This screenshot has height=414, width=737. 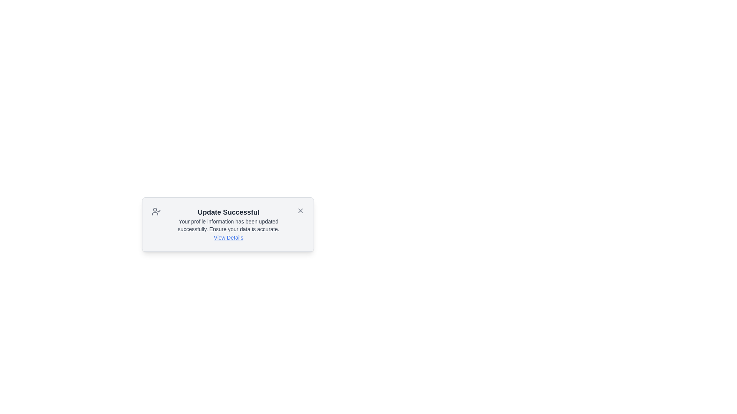 What do you see at coordinates (300, 211) in the screenshot?
I see `close button to dismiss the notification` at bounding box center [300, 211].